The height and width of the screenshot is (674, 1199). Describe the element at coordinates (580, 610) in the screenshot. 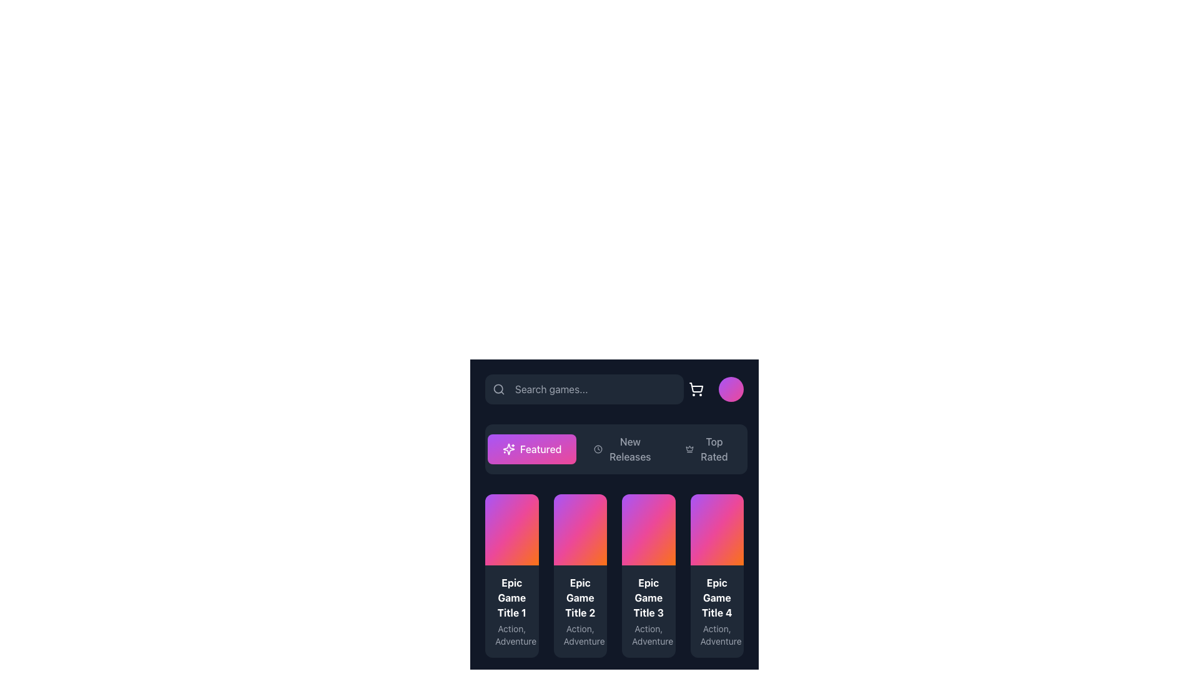

I see `the text and informational component displaying 'Epic Game Title 2' in bold, which is part of the second clickable game card in a horizontal layout` at that location.